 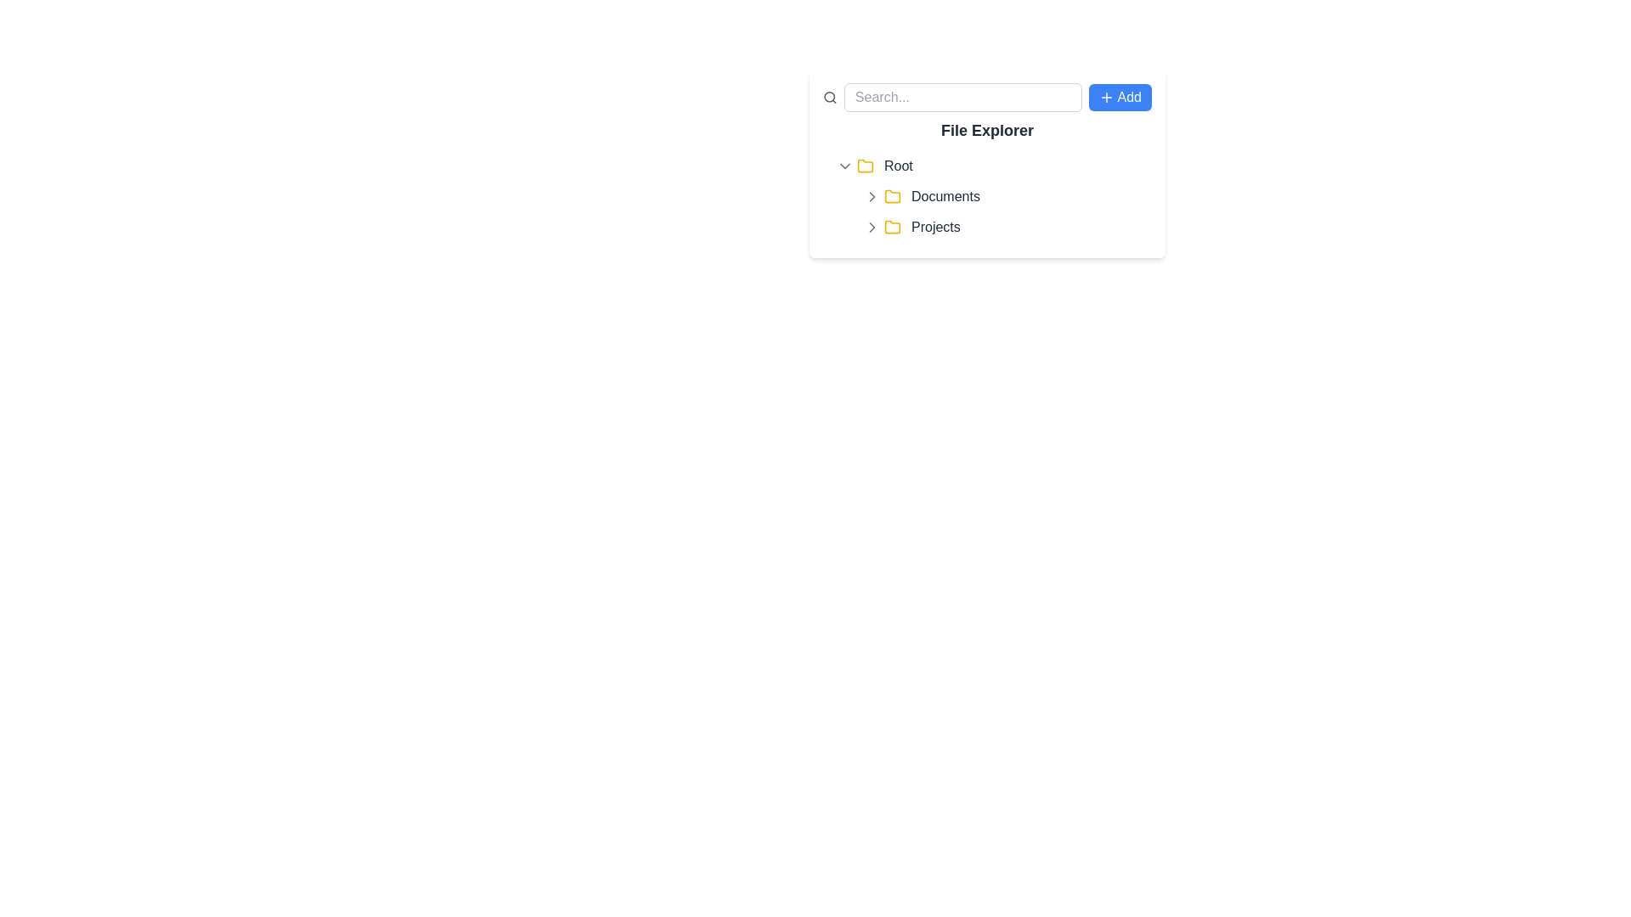 I want to click on the yellow folder icon in the file explorer located to the left of the 'Documents' label, so click(x=892, y=195).